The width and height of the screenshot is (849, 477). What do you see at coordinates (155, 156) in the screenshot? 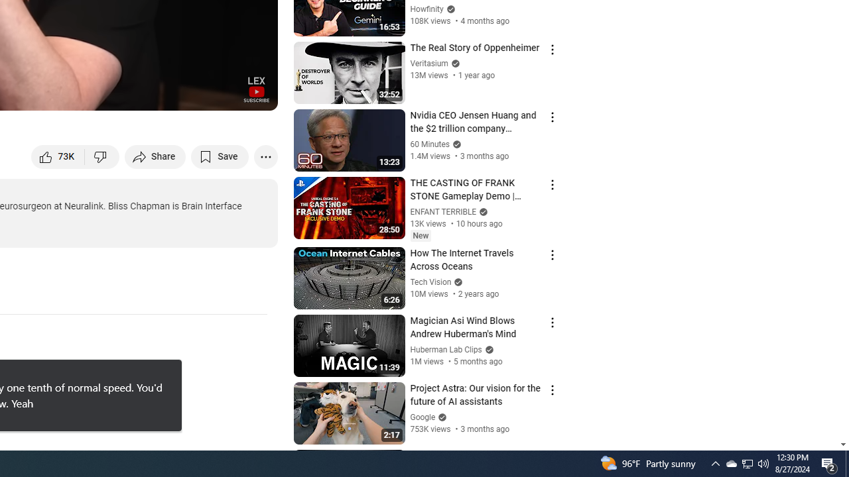
I see `'Share'` at bounding box center [155, 156].